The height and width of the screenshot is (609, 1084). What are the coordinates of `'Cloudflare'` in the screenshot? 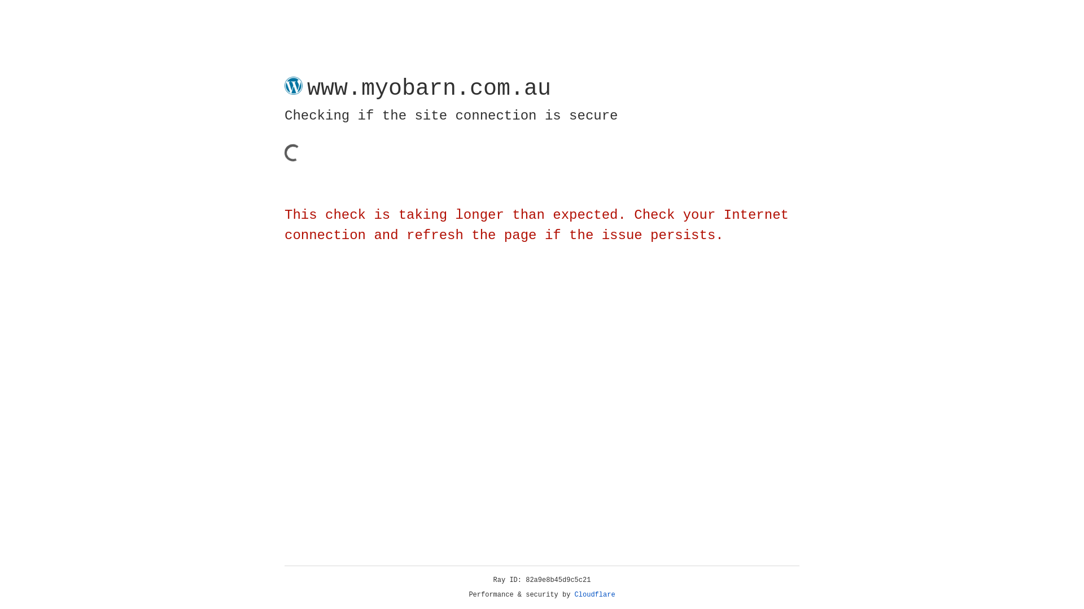 It's located at (595, 594).